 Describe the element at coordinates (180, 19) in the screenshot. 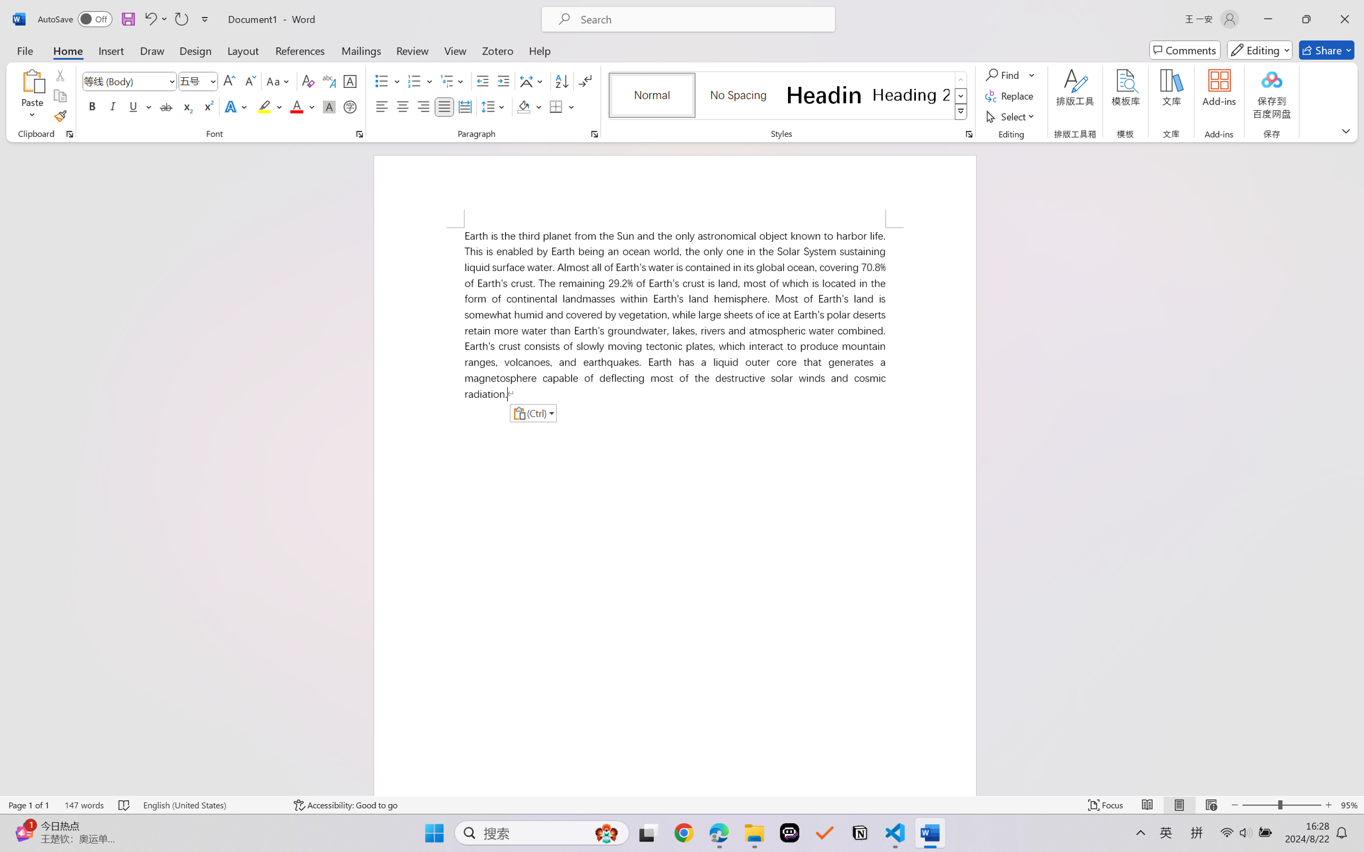

I see `'Repeat Paste Option'` at that location.